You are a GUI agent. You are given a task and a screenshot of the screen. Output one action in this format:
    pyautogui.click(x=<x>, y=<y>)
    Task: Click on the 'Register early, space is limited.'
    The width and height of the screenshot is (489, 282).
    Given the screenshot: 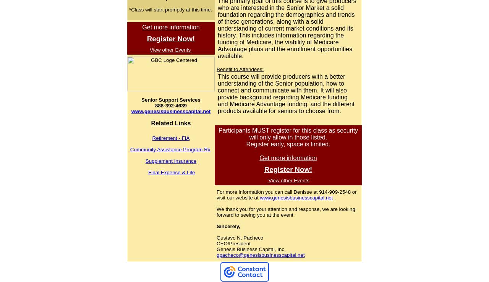 What is the action you would take?
    pyautogui.click(x=288, y=144)
    